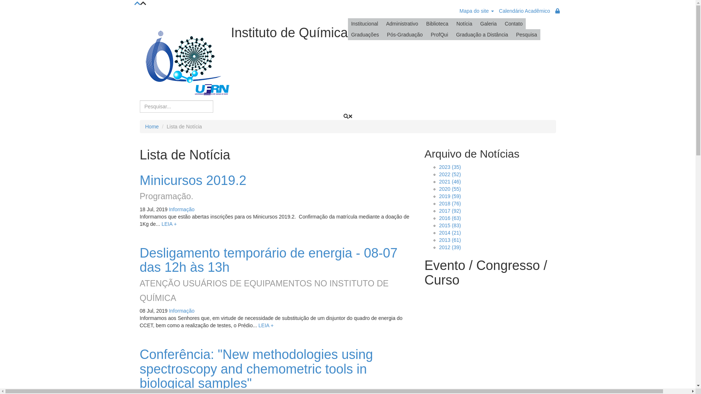  I want to click on 'Mapa do site', so click(476, 11).